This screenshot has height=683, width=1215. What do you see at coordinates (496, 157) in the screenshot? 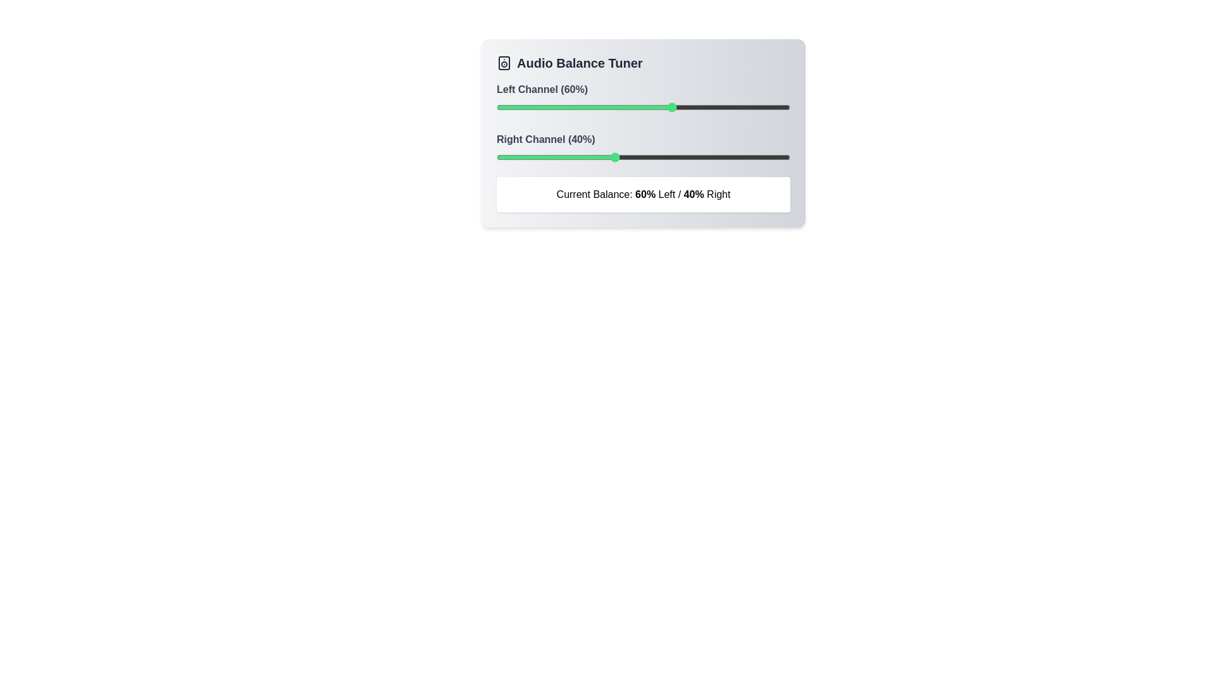
I see `the right channel balance to 0% using the slider` at bounding box center [496, 157].